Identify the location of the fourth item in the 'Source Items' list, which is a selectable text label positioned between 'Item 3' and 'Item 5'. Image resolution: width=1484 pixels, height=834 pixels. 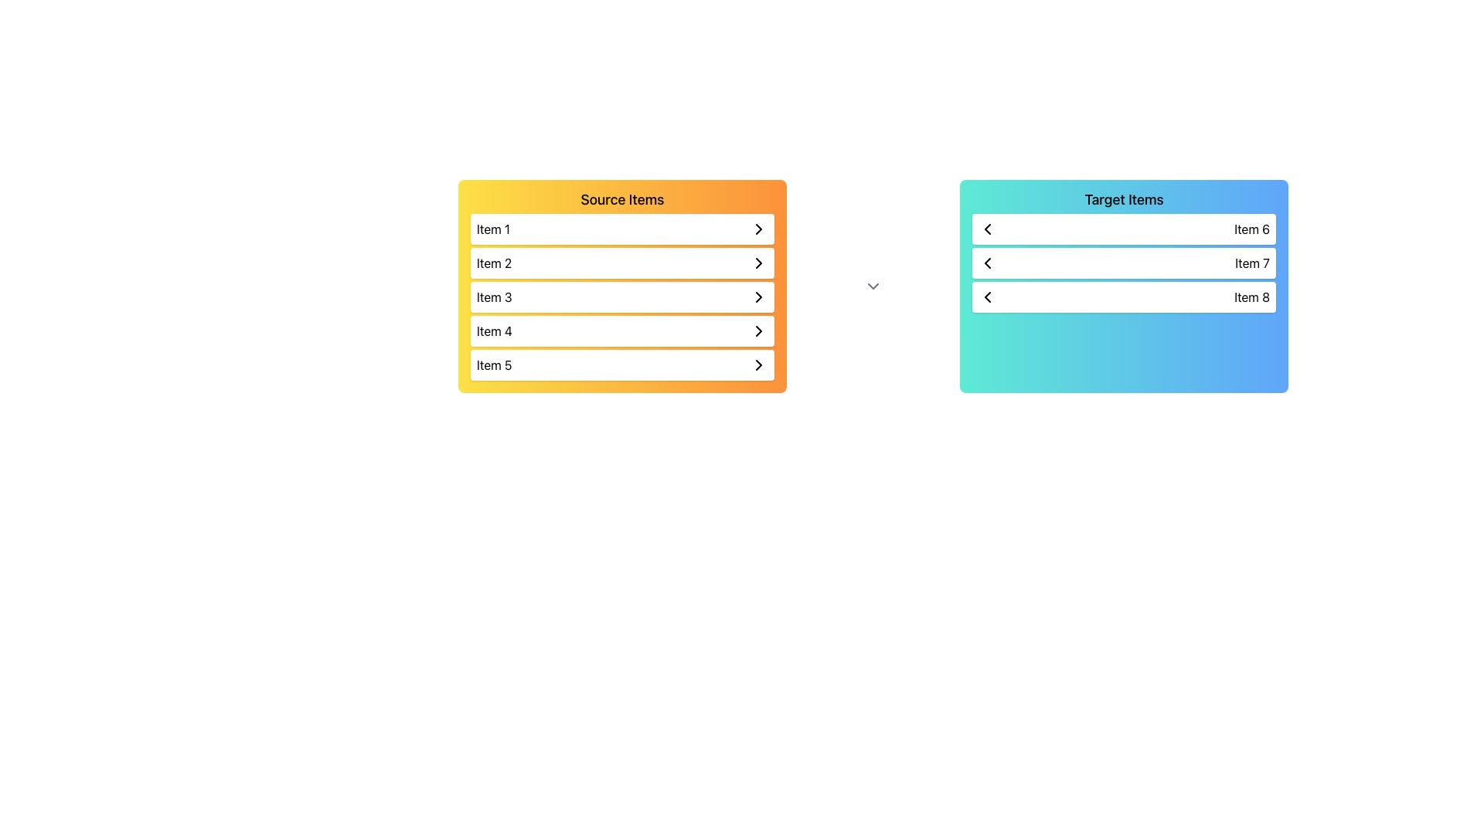
(493, 330).